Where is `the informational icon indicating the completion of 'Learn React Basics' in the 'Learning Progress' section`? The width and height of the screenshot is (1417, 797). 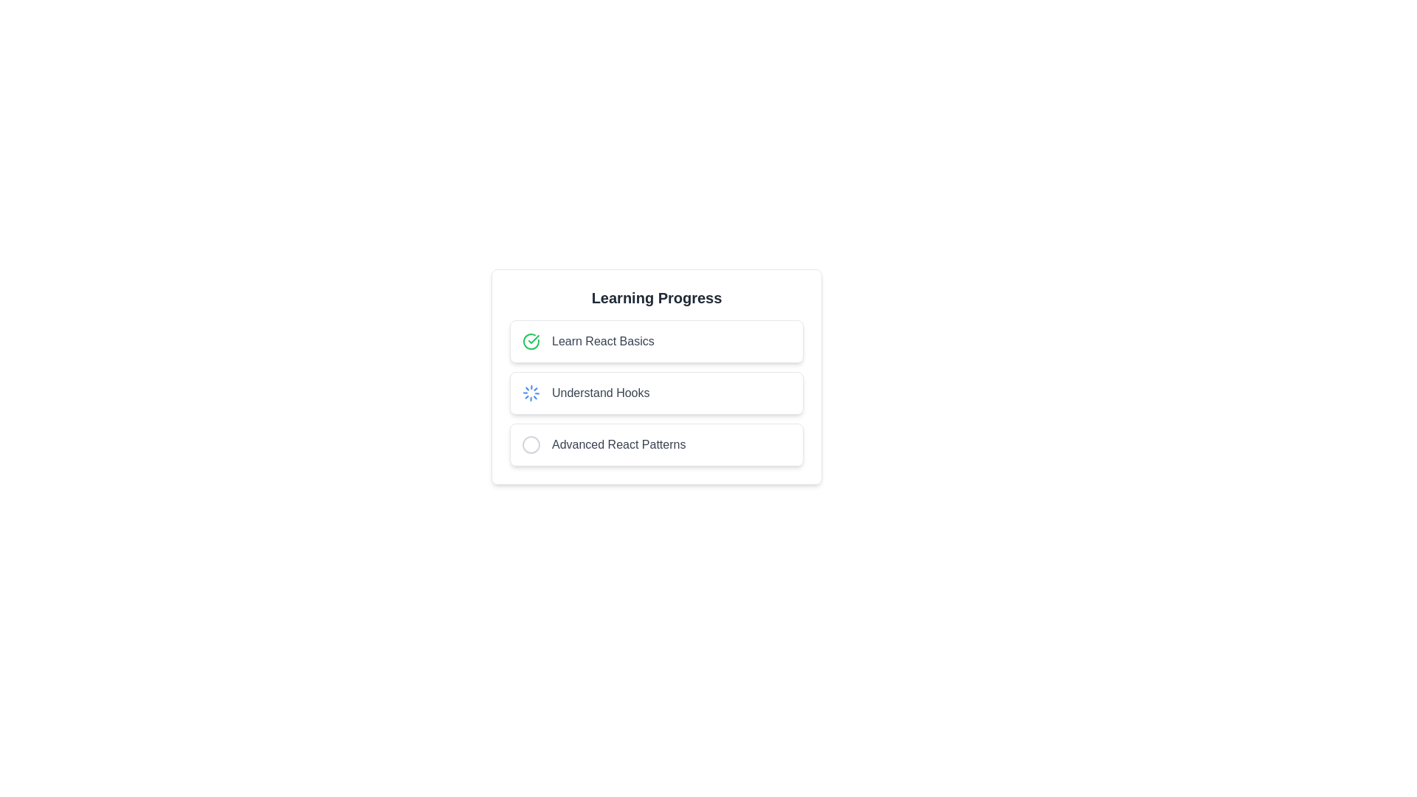 the informational icon indicating the completion of 'Learn React Basics' in the 'Learning Progress' section is located at coordinates (531, 341).